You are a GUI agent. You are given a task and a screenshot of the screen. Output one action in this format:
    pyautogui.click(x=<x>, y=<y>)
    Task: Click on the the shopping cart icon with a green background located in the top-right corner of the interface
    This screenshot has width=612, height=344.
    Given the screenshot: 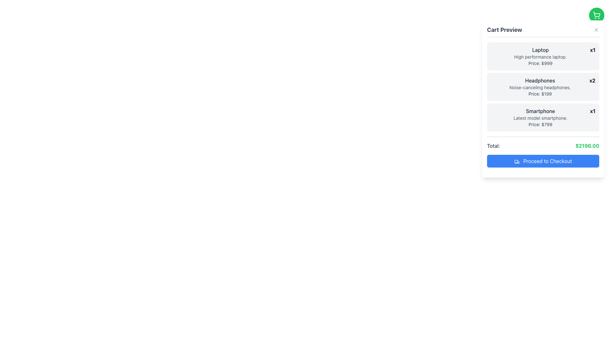 What is the action you would take?
    pyautogui.click(x=596, y=15)
    